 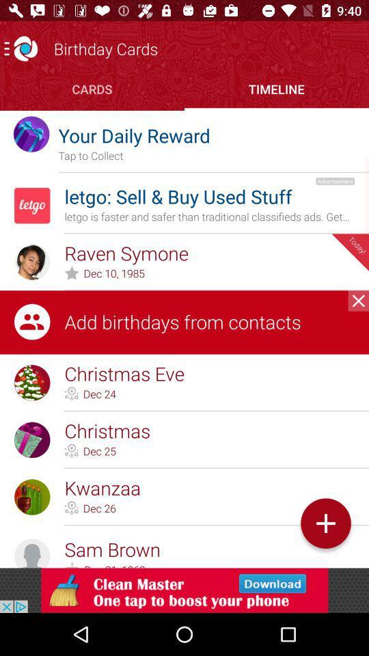 I want to click on advertisement page, so click(x=184, y=590).